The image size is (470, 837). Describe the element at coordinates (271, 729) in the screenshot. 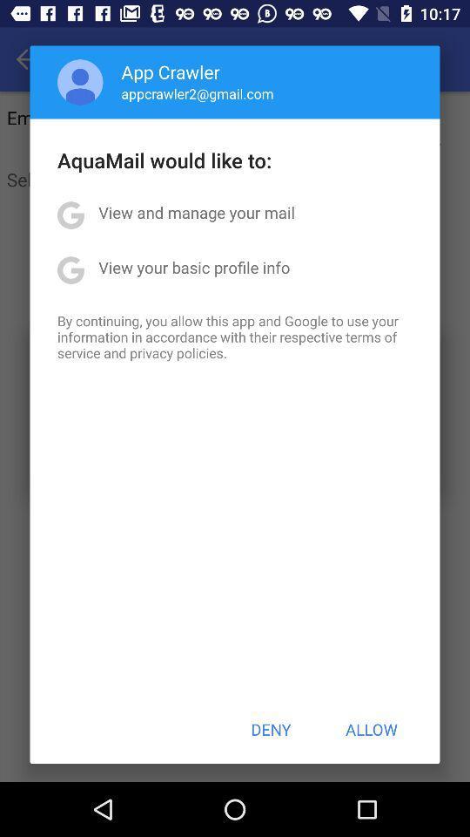

I see `the deny icon` at that location.